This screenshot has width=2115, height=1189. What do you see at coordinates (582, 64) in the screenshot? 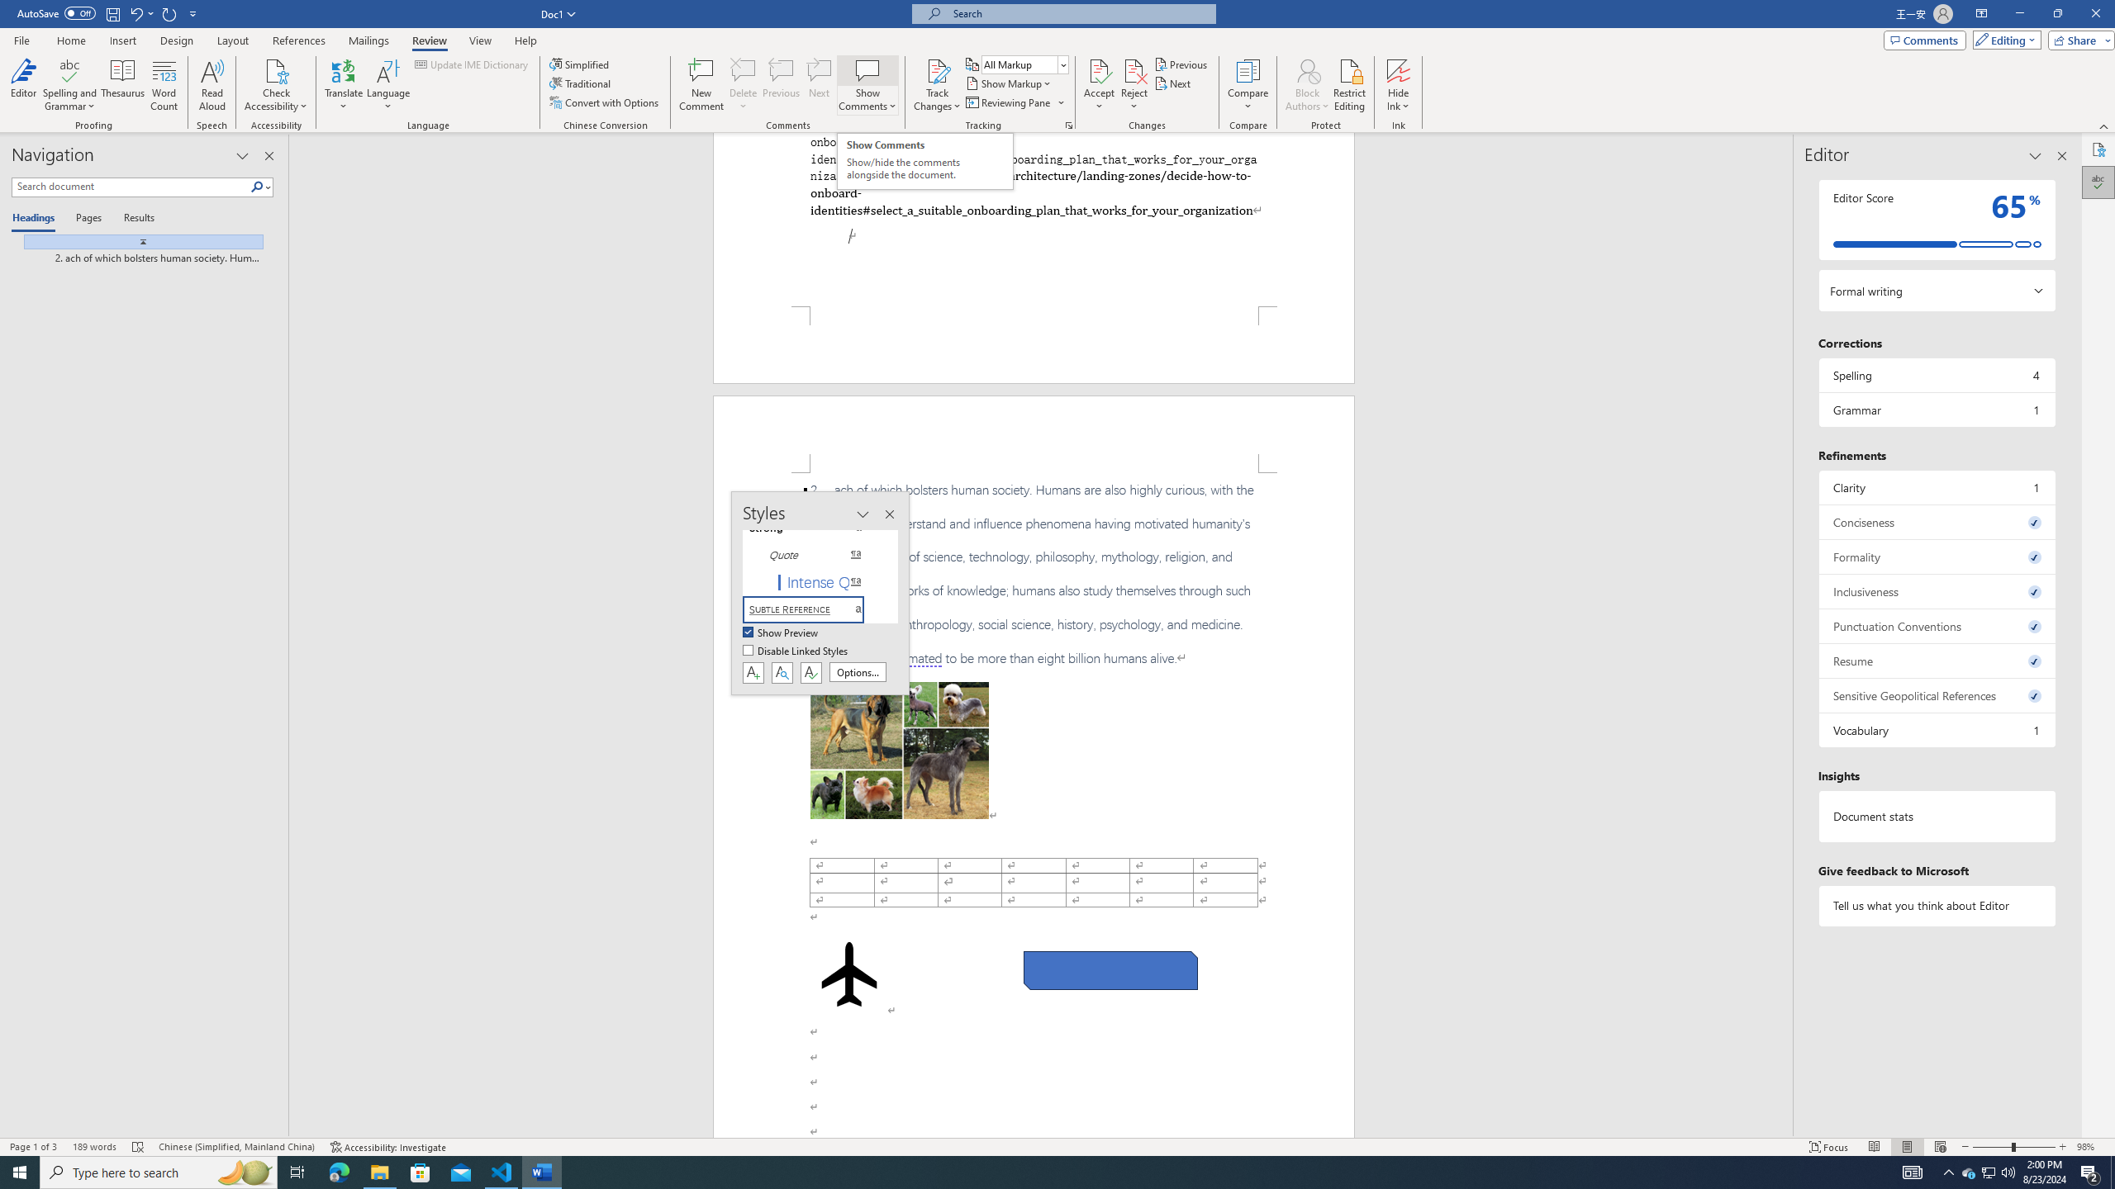
I see `'Simplified'` at bounding box center [582, 64].